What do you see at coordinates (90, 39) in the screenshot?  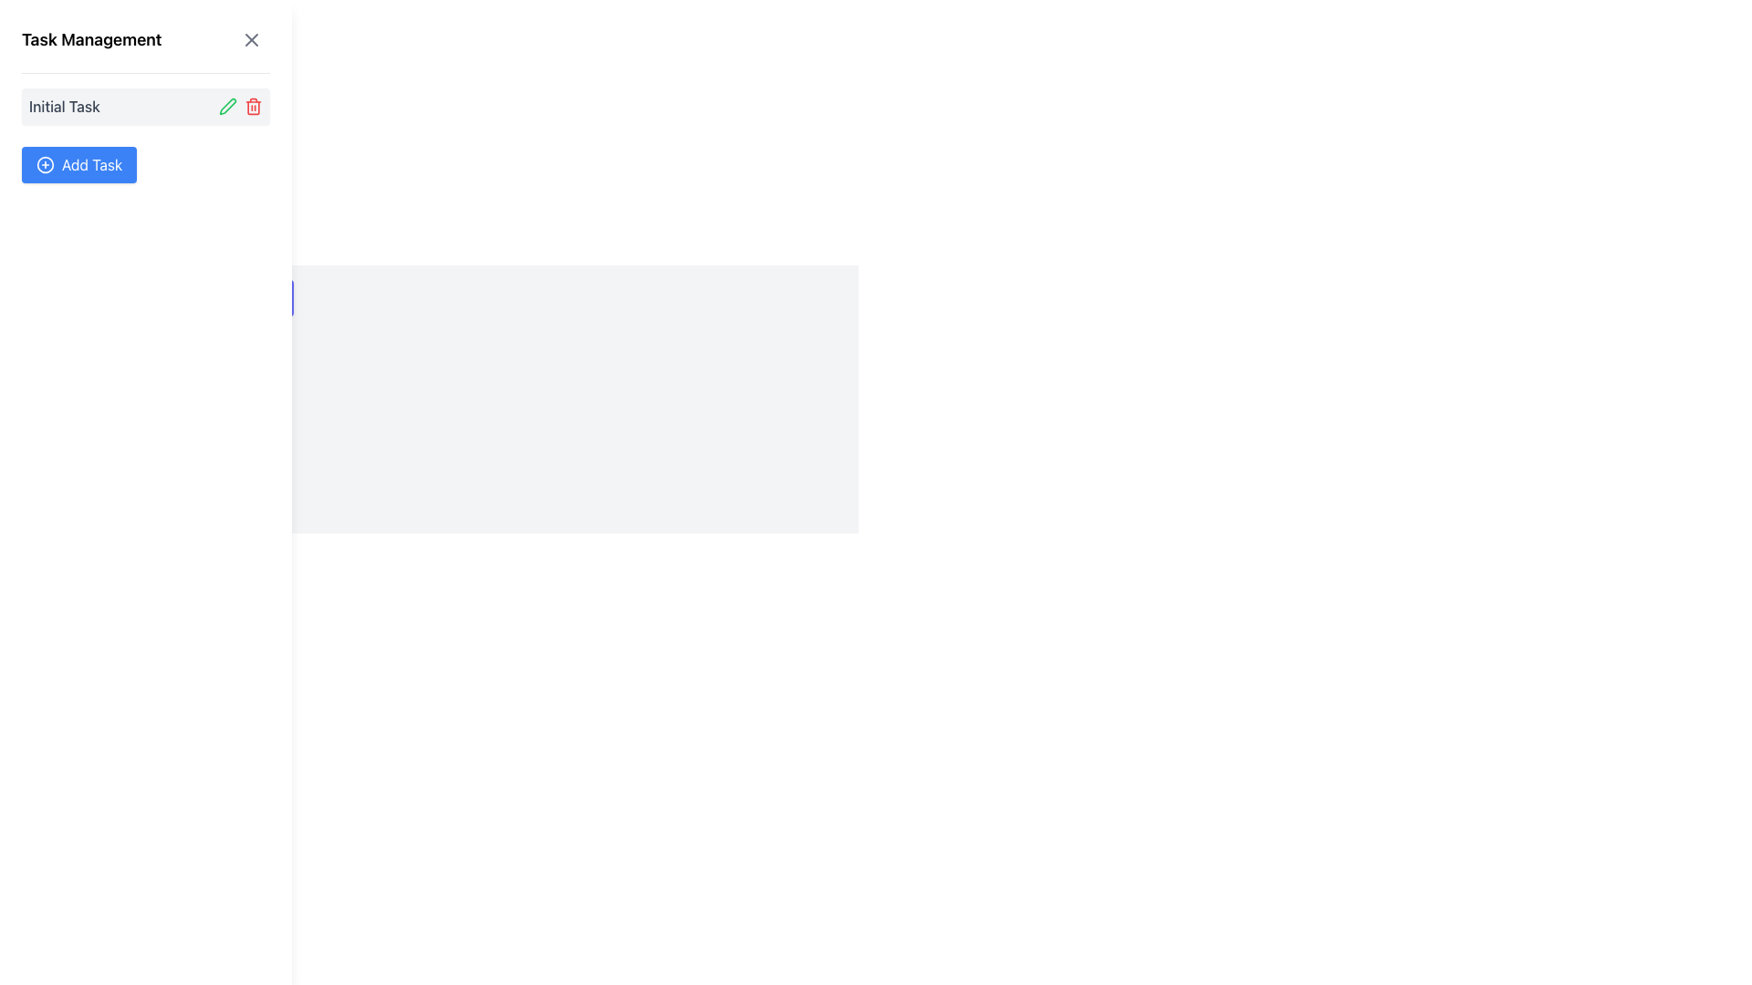 I see `static text element that serves as the title or heading for the panel, located at the top-left corner of the interface, positioned to the left of a button and an icon` at bounding box center [90, 39].